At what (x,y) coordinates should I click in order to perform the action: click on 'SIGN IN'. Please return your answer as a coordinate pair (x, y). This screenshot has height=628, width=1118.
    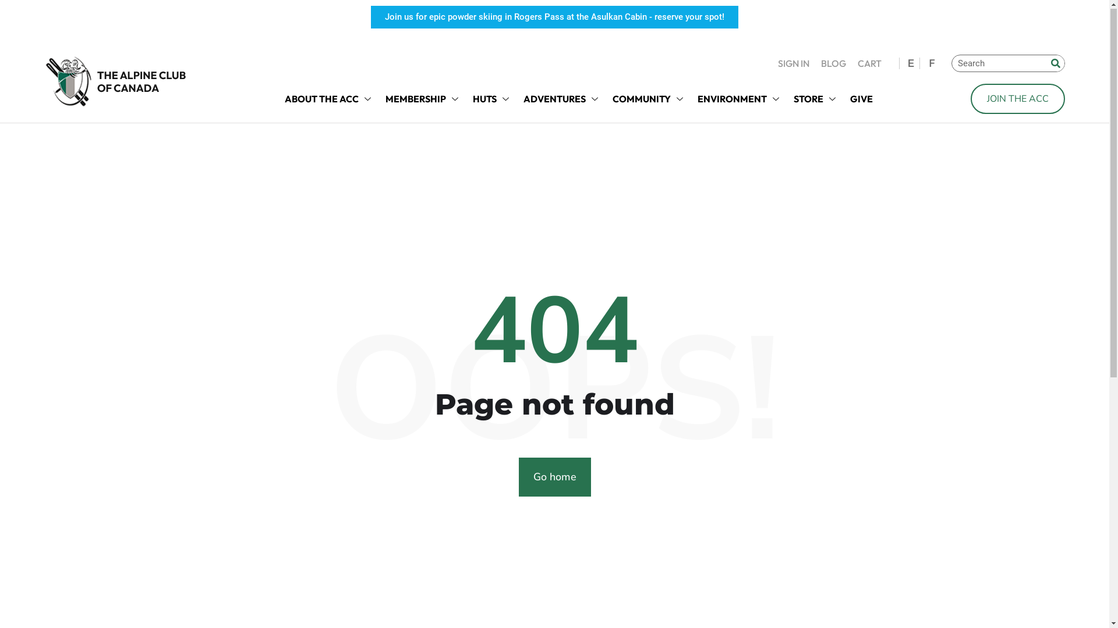
    Looking at the image, I should click on (793, 64).